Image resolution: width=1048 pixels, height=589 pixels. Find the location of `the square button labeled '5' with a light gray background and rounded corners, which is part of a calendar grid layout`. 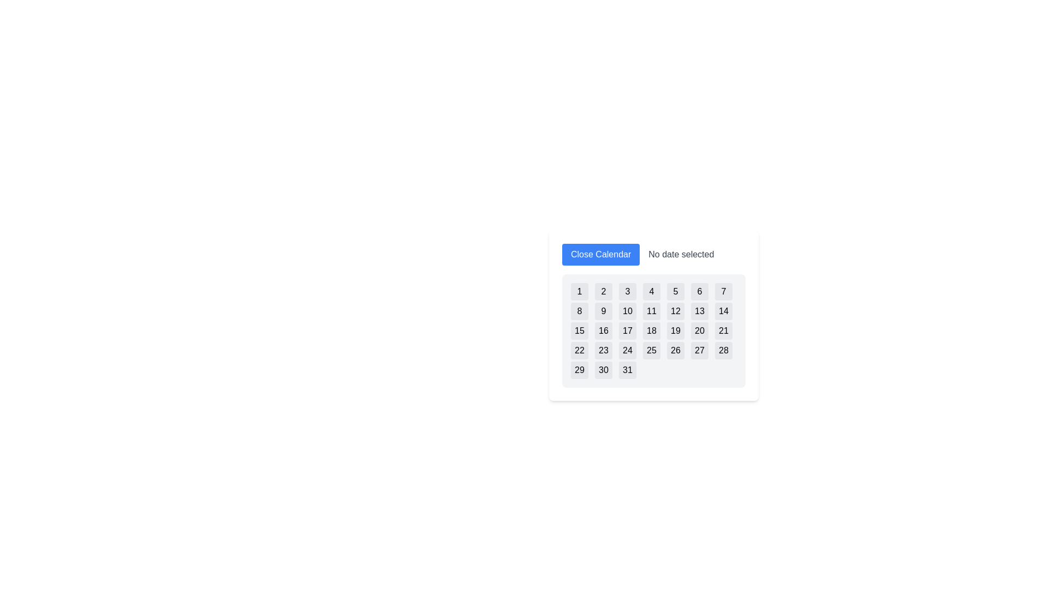

the square button labeled '5' with a light gray background and rounded corners, which is part of a calendar grid layout is located at coordinates (675, 291).